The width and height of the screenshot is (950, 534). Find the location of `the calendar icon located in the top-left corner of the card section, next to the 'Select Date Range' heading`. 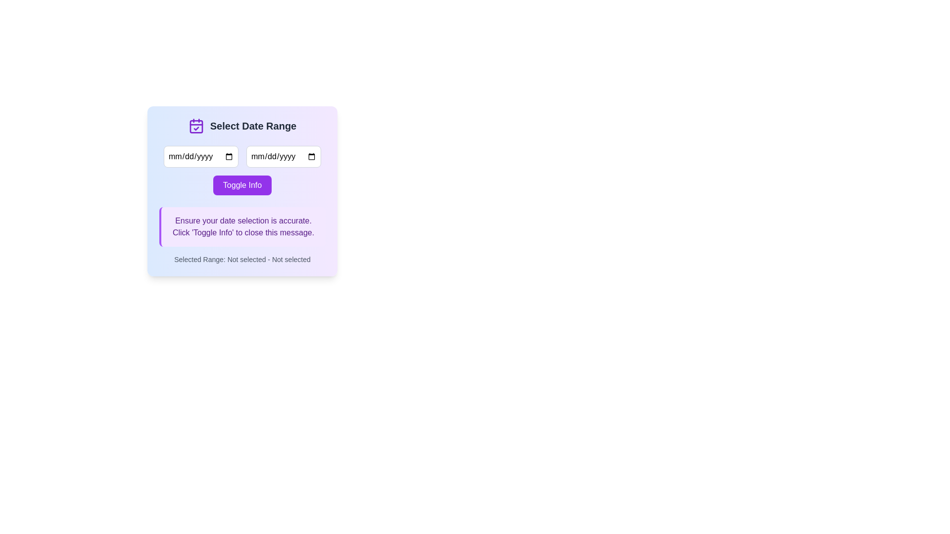

the calendar icon located in the top-left corner of the card section, next to the 'Select Date Range' heading is located at coordinates (196, 125).